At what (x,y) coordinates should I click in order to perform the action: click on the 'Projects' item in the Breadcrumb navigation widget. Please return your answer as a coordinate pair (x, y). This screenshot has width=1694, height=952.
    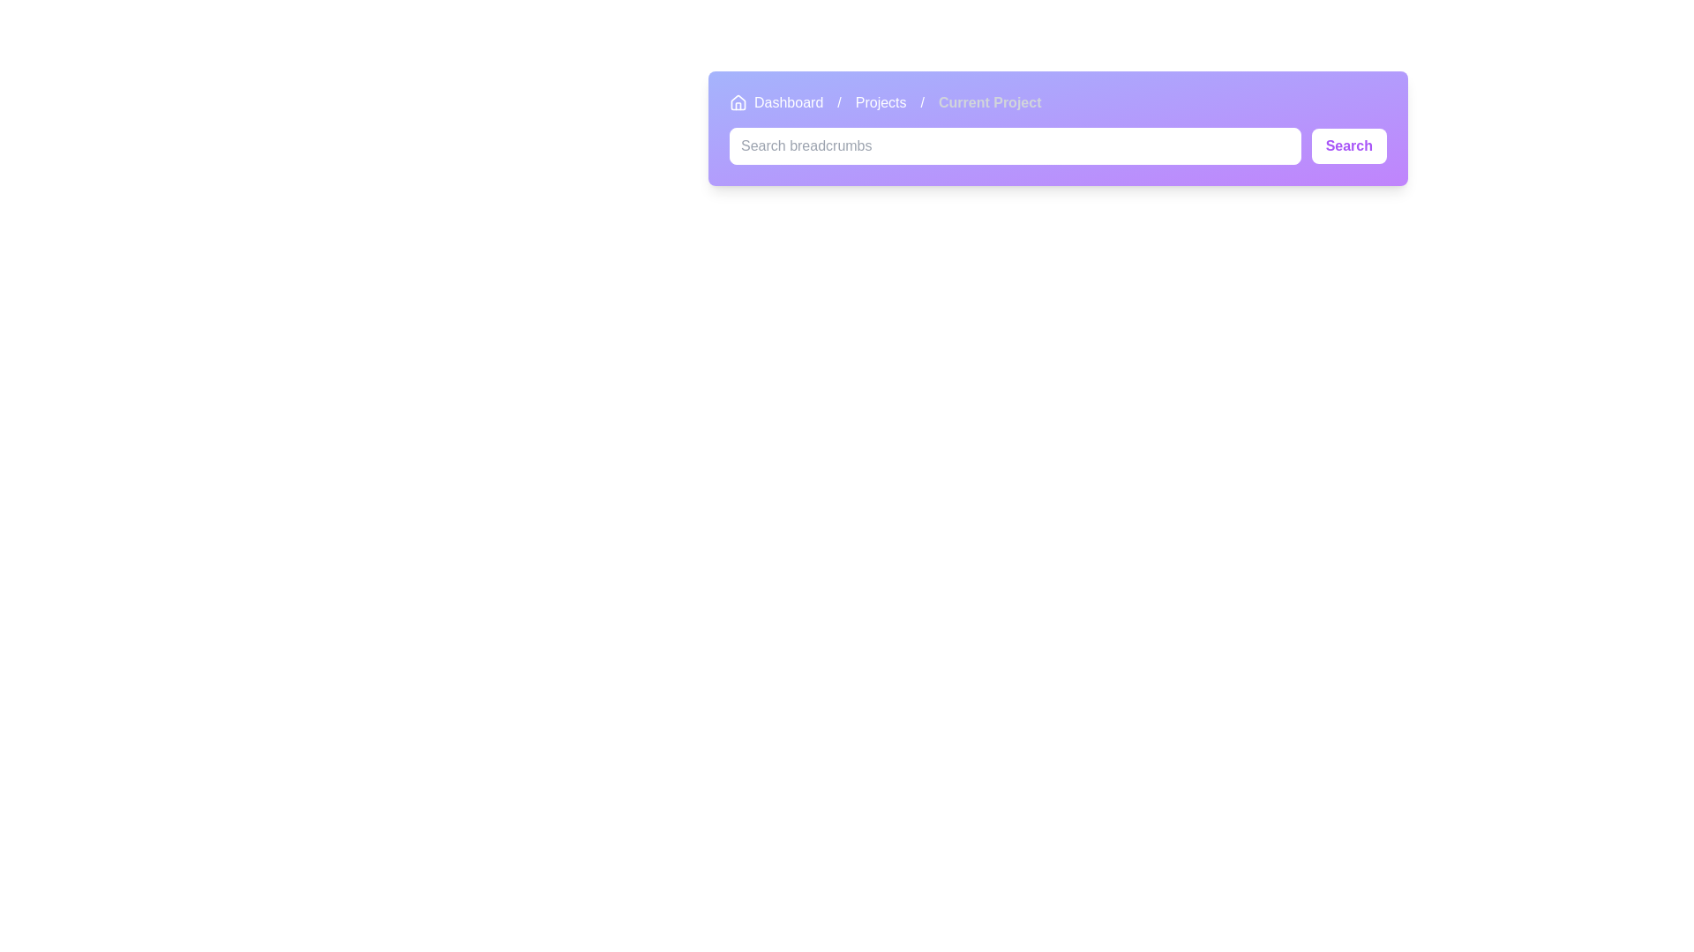
    Looking at the image, I should click on (885, 102).